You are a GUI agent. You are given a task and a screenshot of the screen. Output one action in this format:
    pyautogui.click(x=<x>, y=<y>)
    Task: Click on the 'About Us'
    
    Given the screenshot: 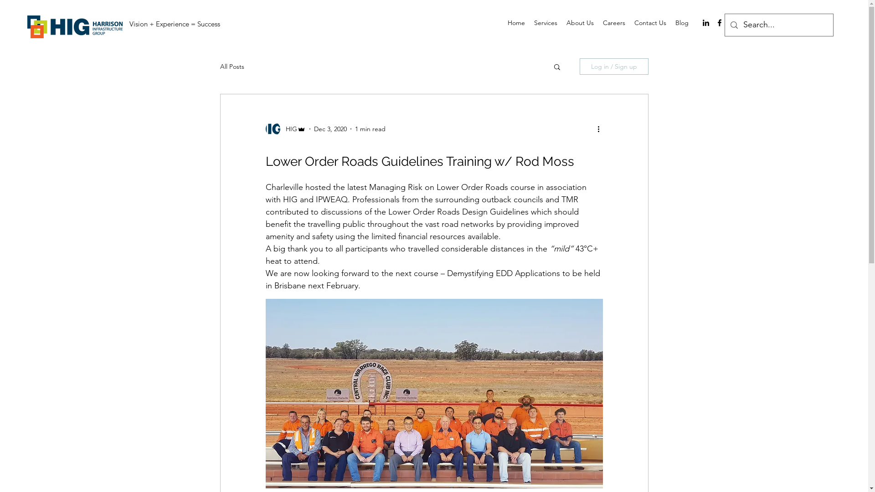 What is the action you would take?
    pyautogui.click(x=561, y=22)
    